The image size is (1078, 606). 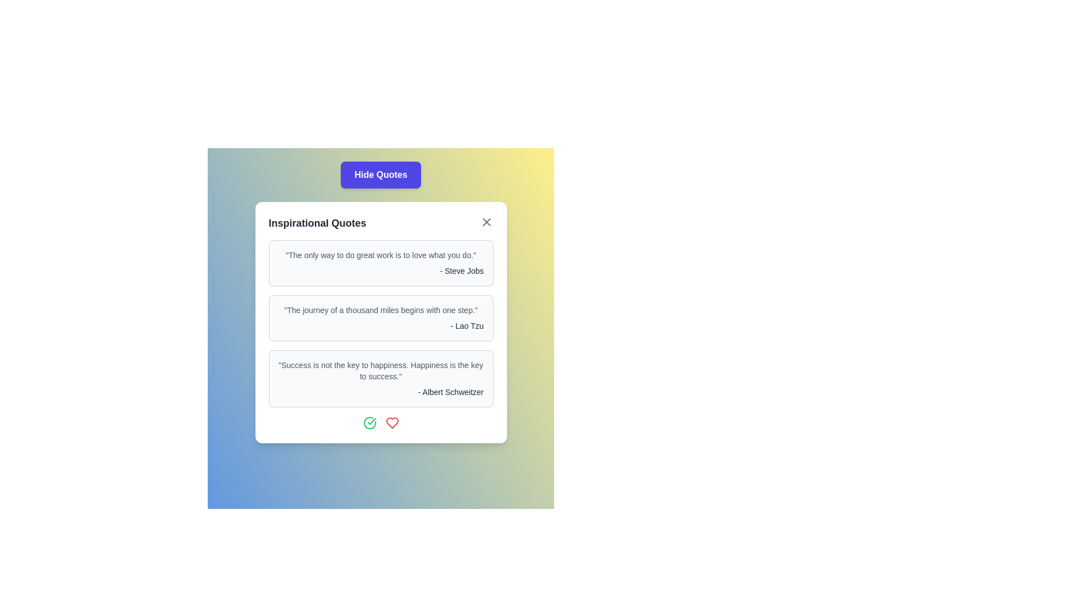 What do you see at coordinates (369, 423) in the screenshot?
I see `the circular green stroke icon with a checkmark, located at the bottom left of the modal window, positioned to the left of a heart-shaped icon` at bounding box center [369, 423].